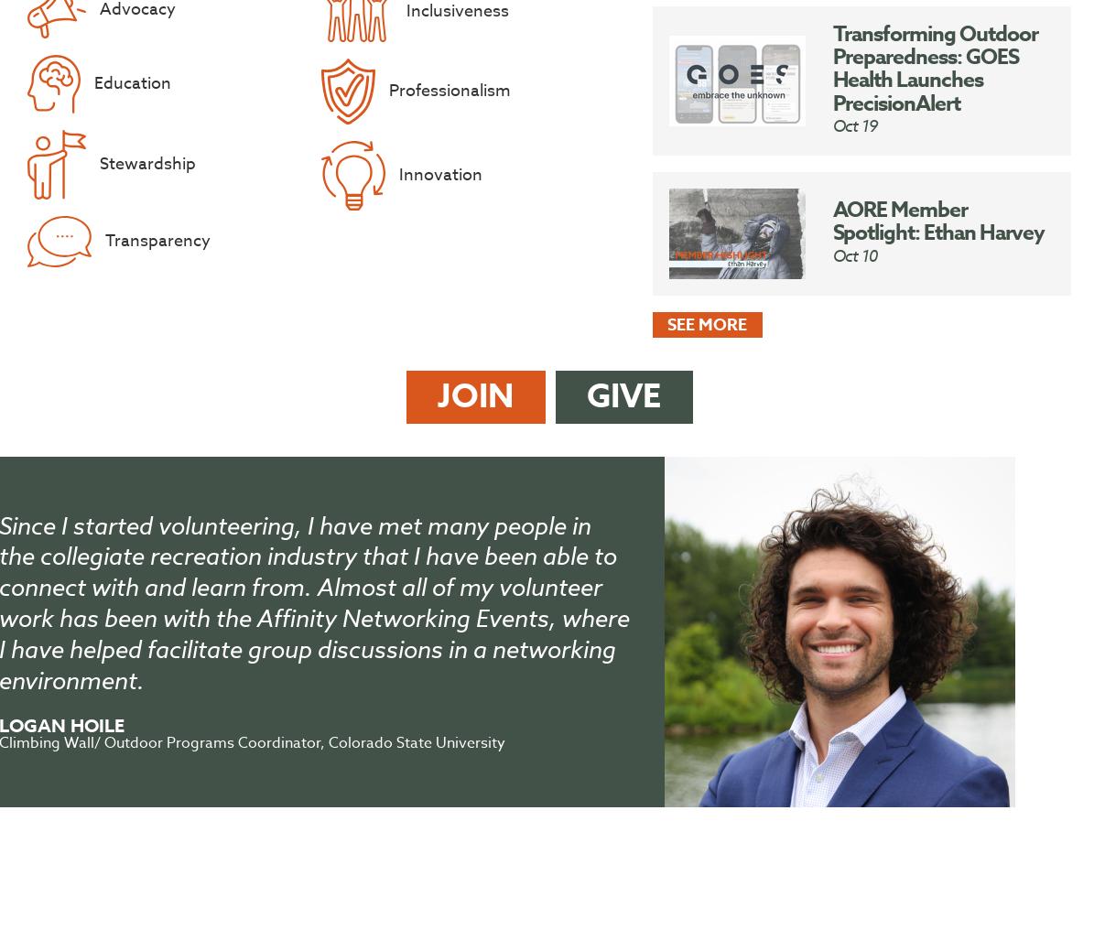 This screenshot has height=940, width=1105. I want to click on 'Give', so click(587, 396).